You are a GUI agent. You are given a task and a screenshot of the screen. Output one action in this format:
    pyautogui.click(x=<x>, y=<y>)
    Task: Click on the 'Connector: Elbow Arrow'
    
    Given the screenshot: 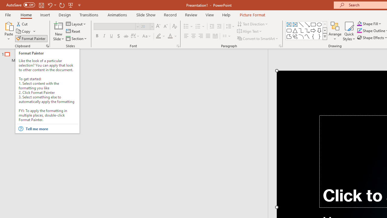 What is the action you would take?
    pyautogui.click(x=307, y=30)
    